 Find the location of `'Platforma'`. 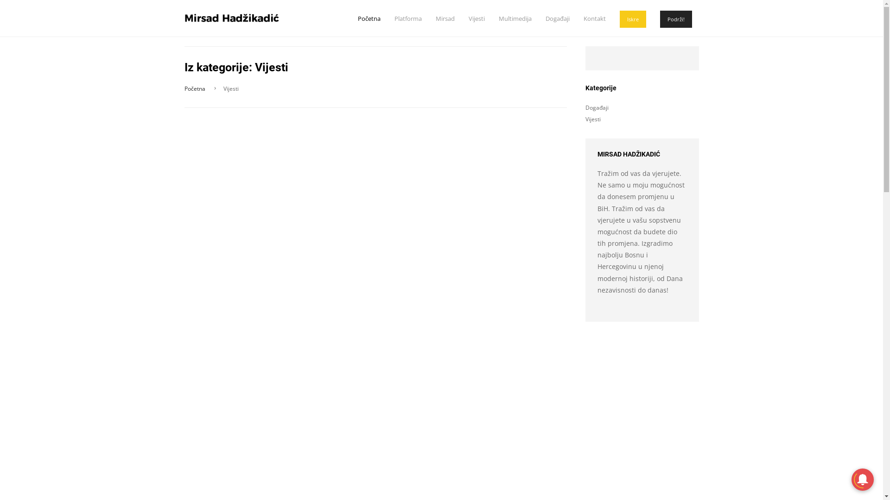

'Platforma' is located at coordinates (407, 18).